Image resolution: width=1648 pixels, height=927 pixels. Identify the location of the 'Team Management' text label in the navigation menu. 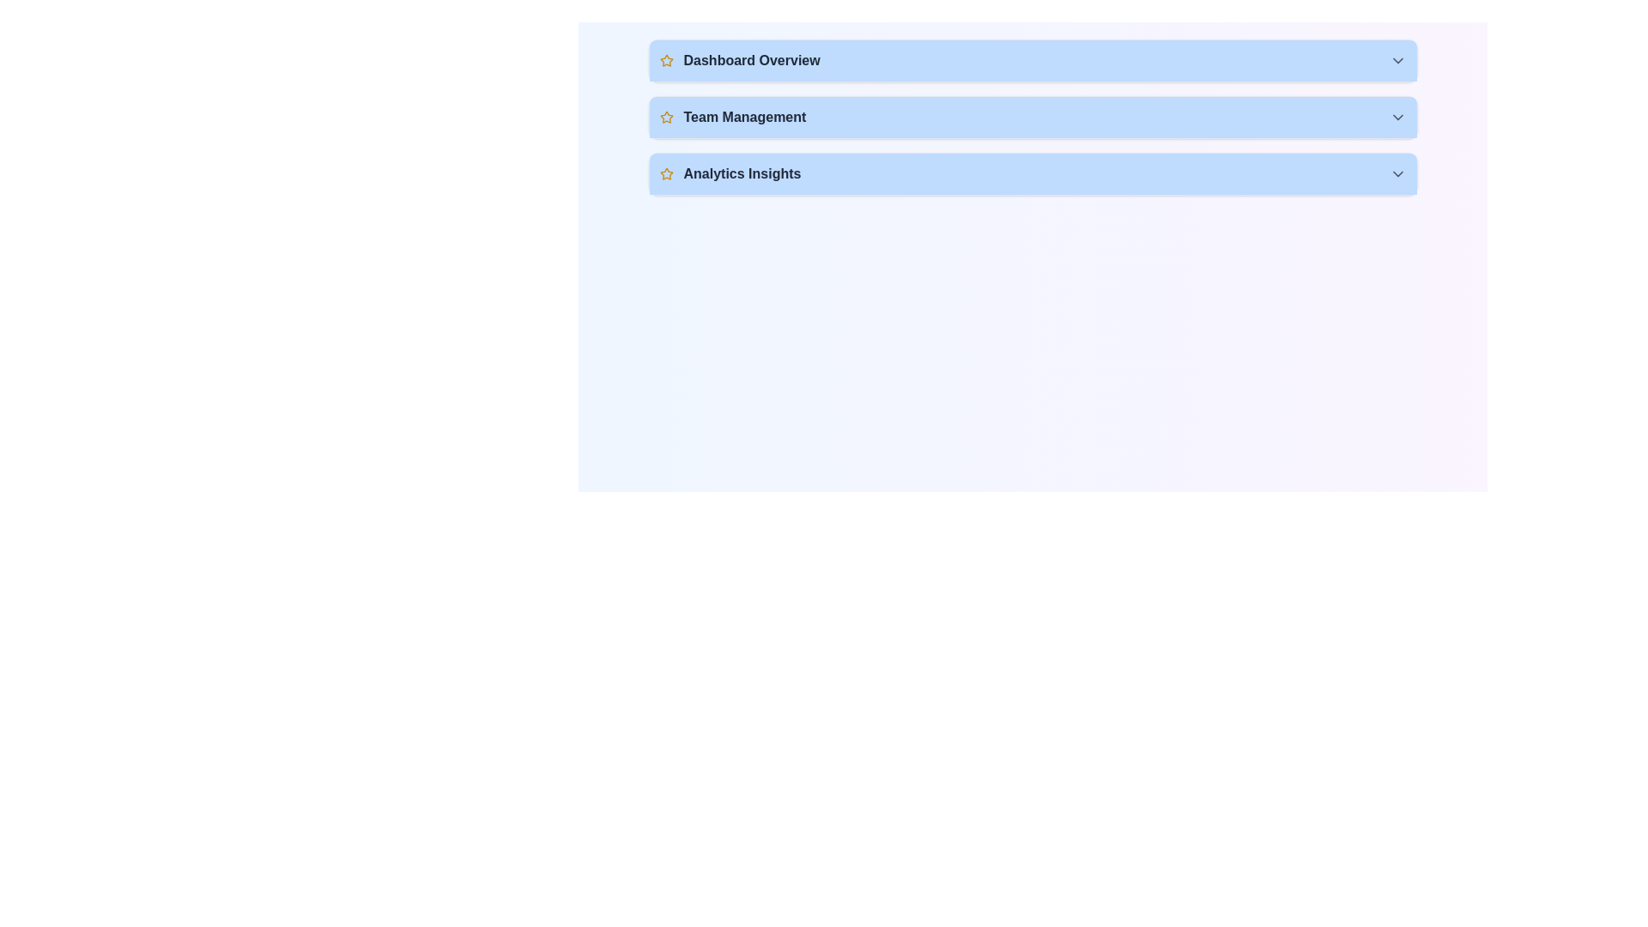
(744, 117).